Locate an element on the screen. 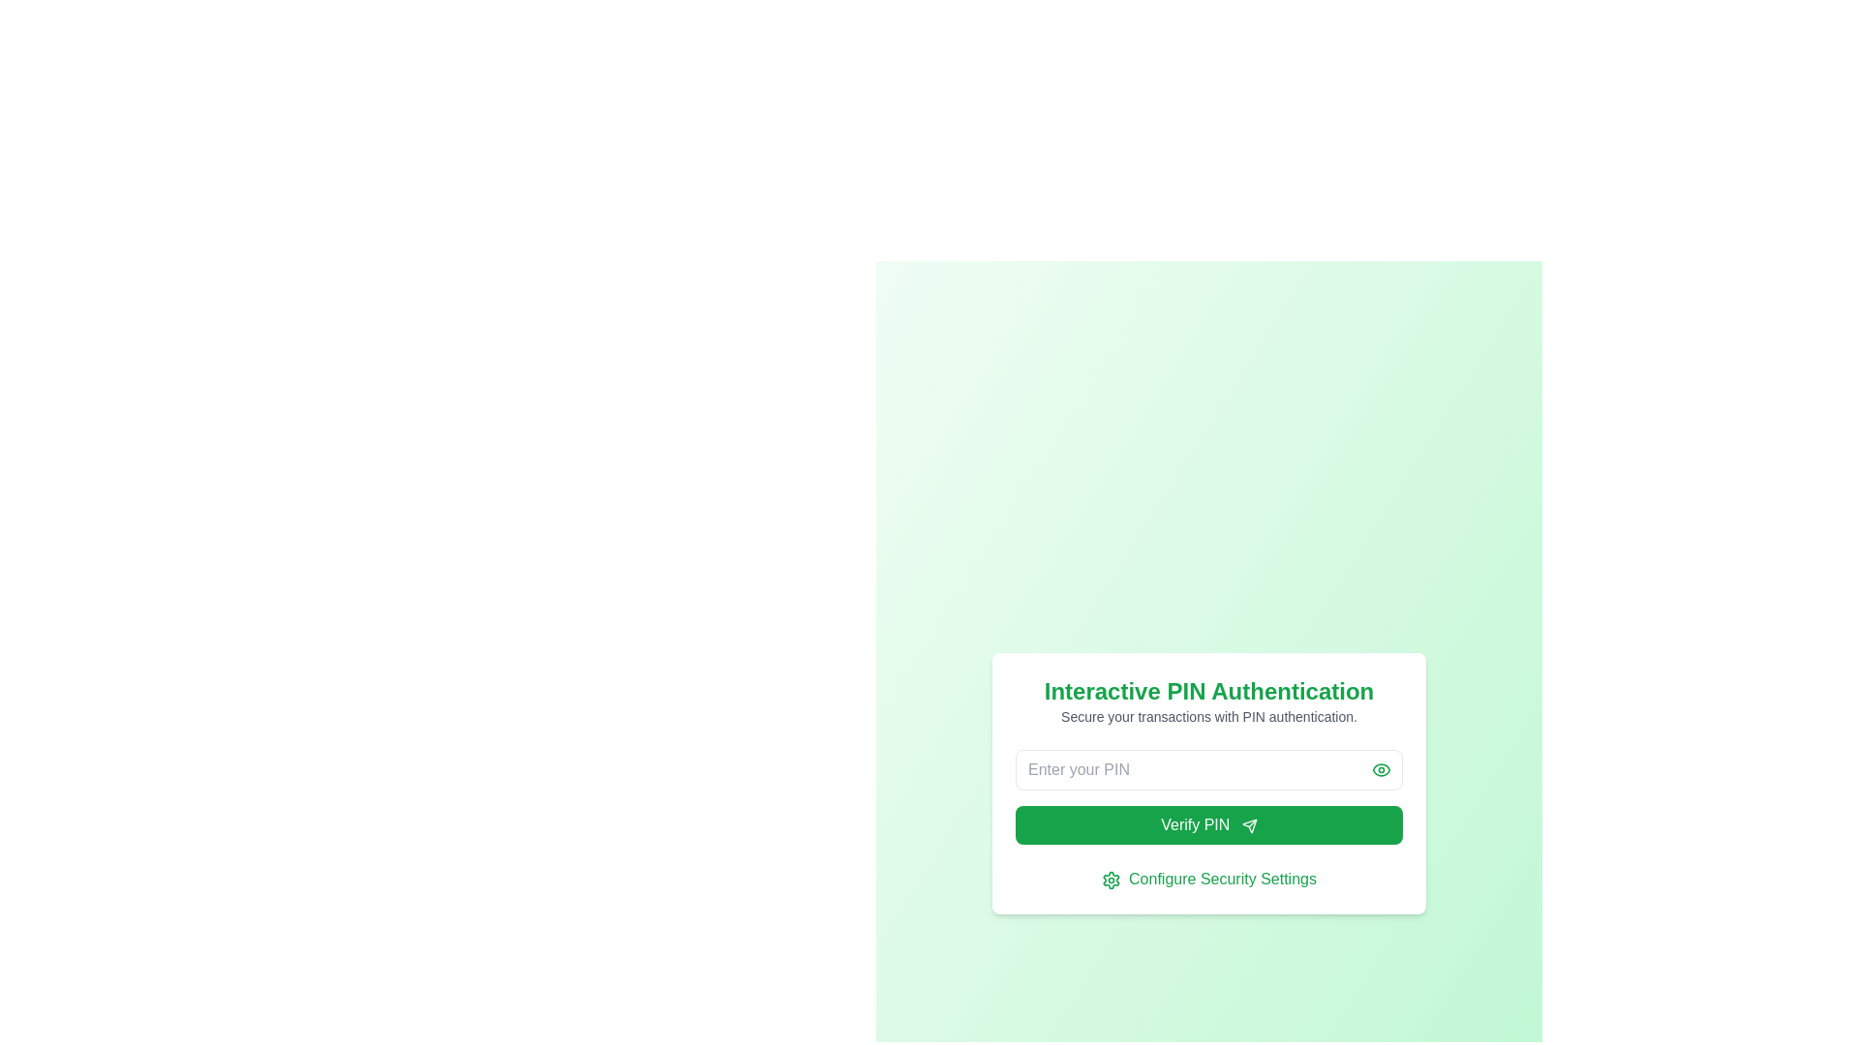  the eye icon button, which toggles the password visibility for the 'Enter your PIN' input field is located at coordinates (1380, 768).